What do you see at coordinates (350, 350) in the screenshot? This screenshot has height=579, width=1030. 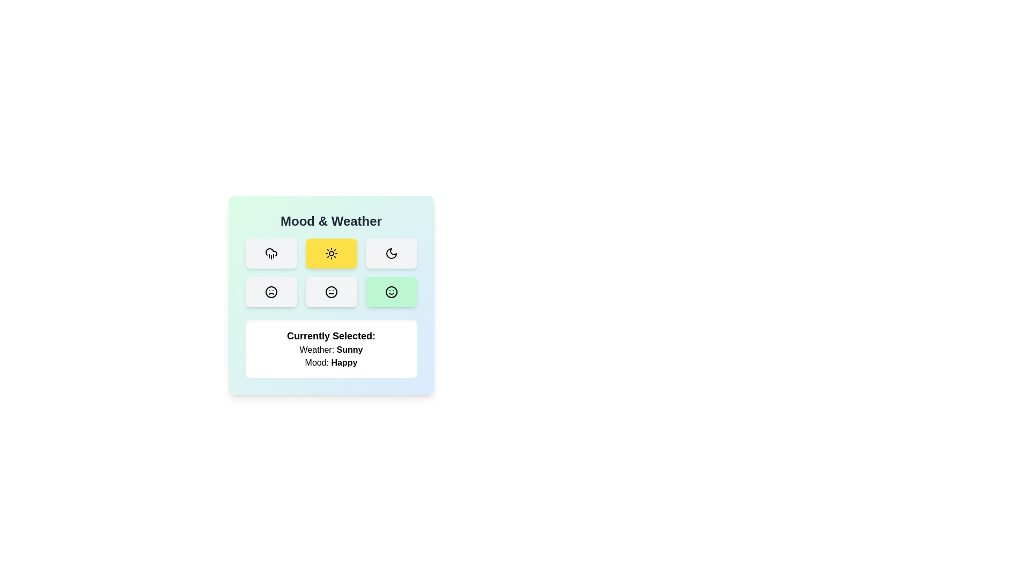 I see `the bold and capitalized text label 'Sunny' located in the 'Currently Selected' section under the 'Weather:' descriptor` at bounding box center [350, 350].